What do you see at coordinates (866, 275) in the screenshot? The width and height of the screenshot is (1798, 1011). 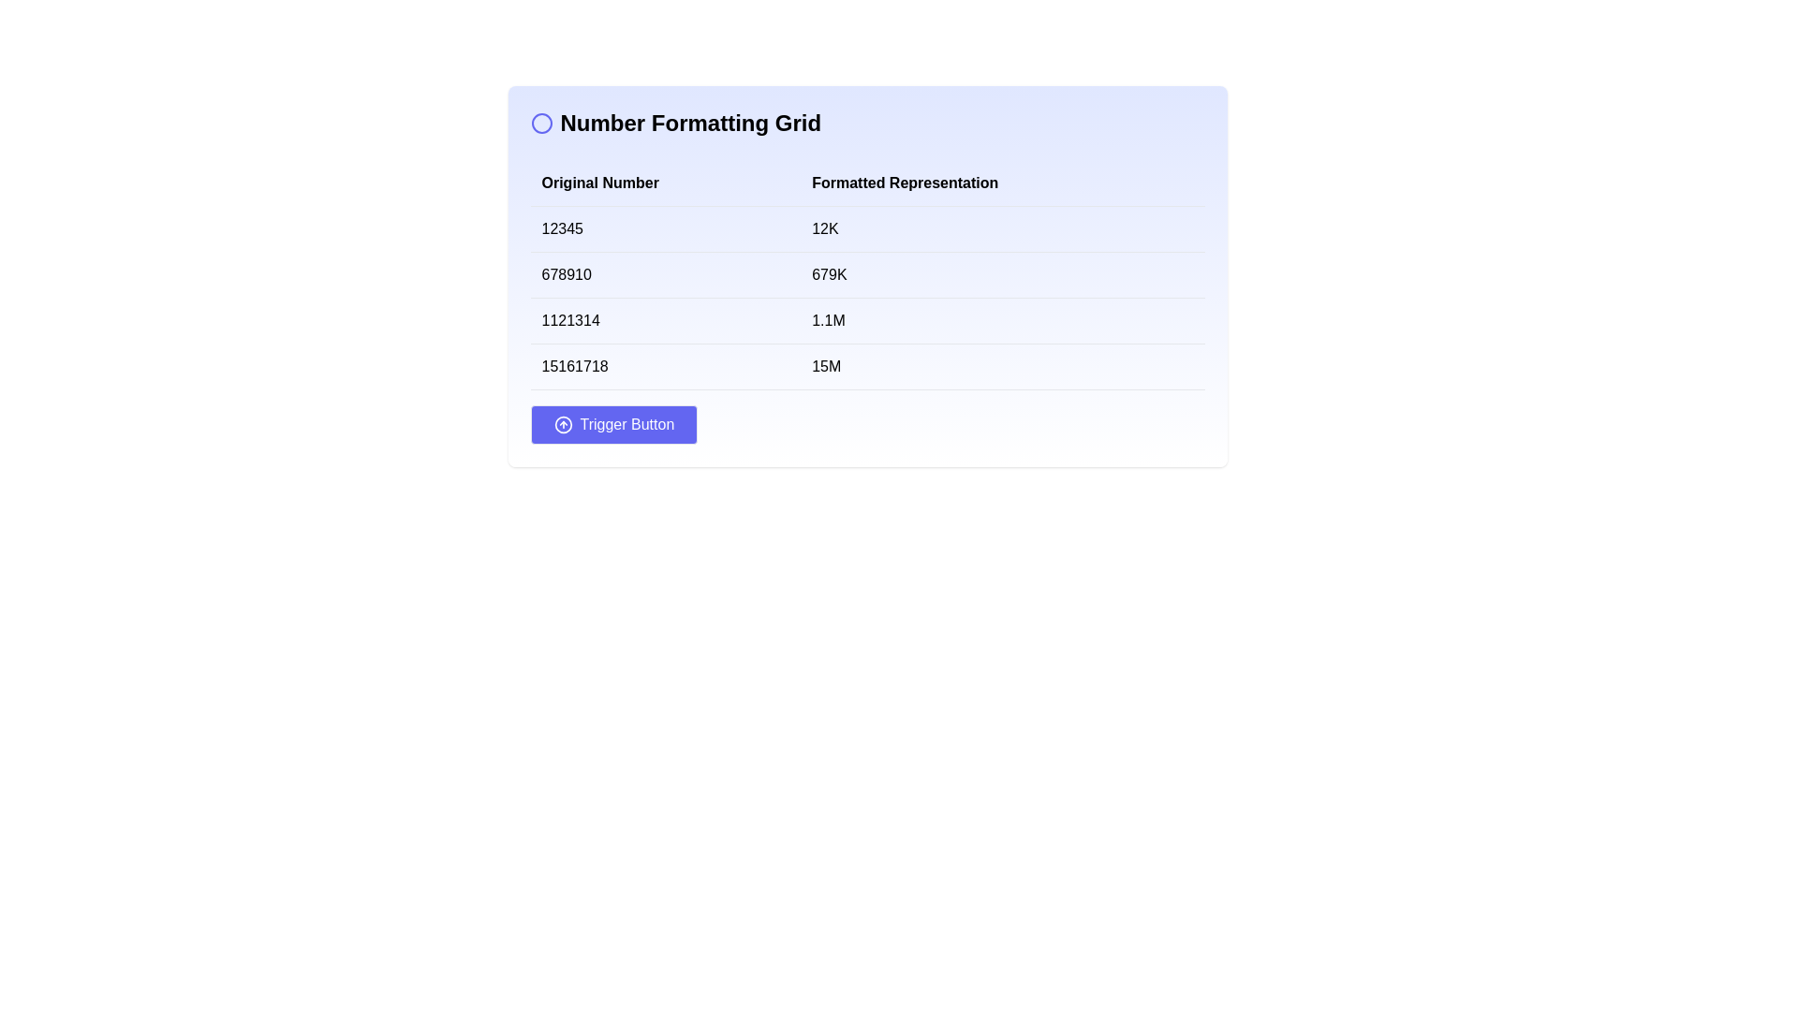 I see `the second row in the table that displays '678910' in the first column and '679K' in the second column` at bounding box center [866, 275].